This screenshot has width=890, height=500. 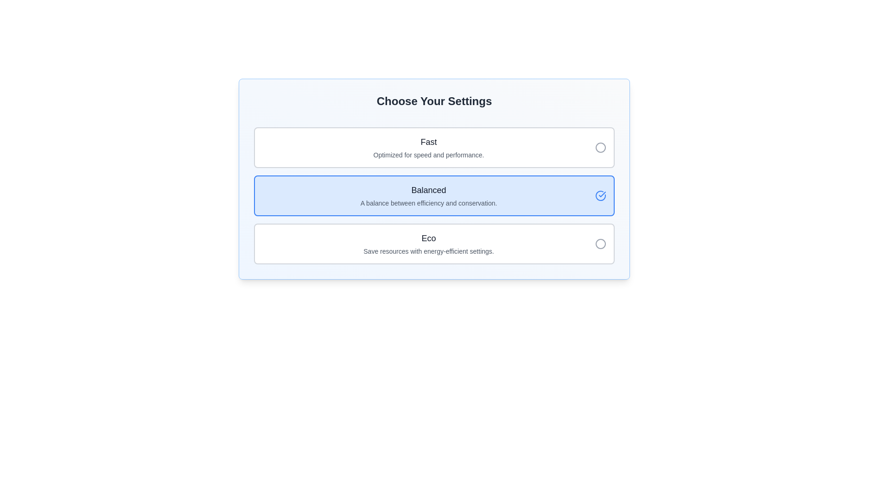 What do you see at coordinates (602, 194) in the screenshot?
I see `the checkmark icon indicating the selection of the 'Balanced' option within the blue highlighted rectangle` at bounding box center [602, 194].